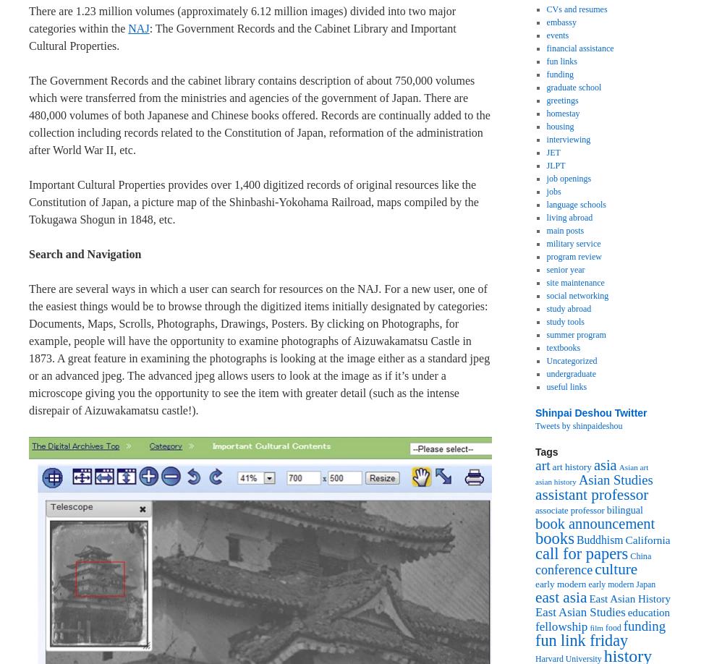  Describe the element at coordinates (613, 626) in the screenshot. I see `'food'` at that location.